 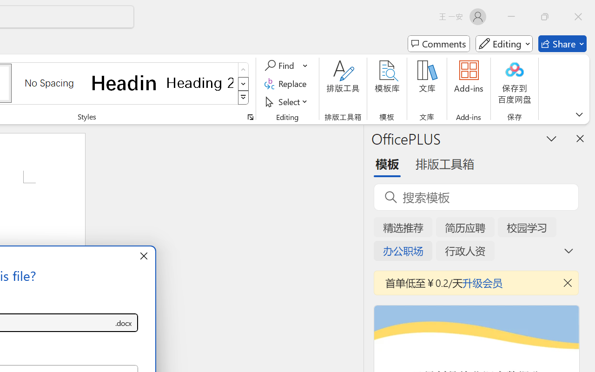 I want to click on 'Class: NetUIImage', so click(x=244, y=98).